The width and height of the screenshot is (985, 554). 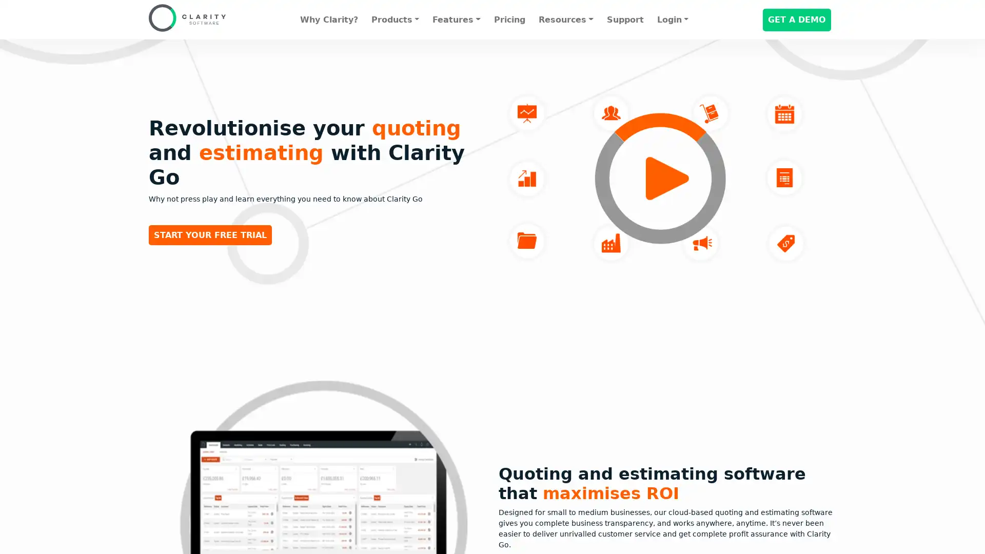 What do you see at coordinates (672, 19) in the screenshot?
I see `Login` at bounding box center [672, 19].